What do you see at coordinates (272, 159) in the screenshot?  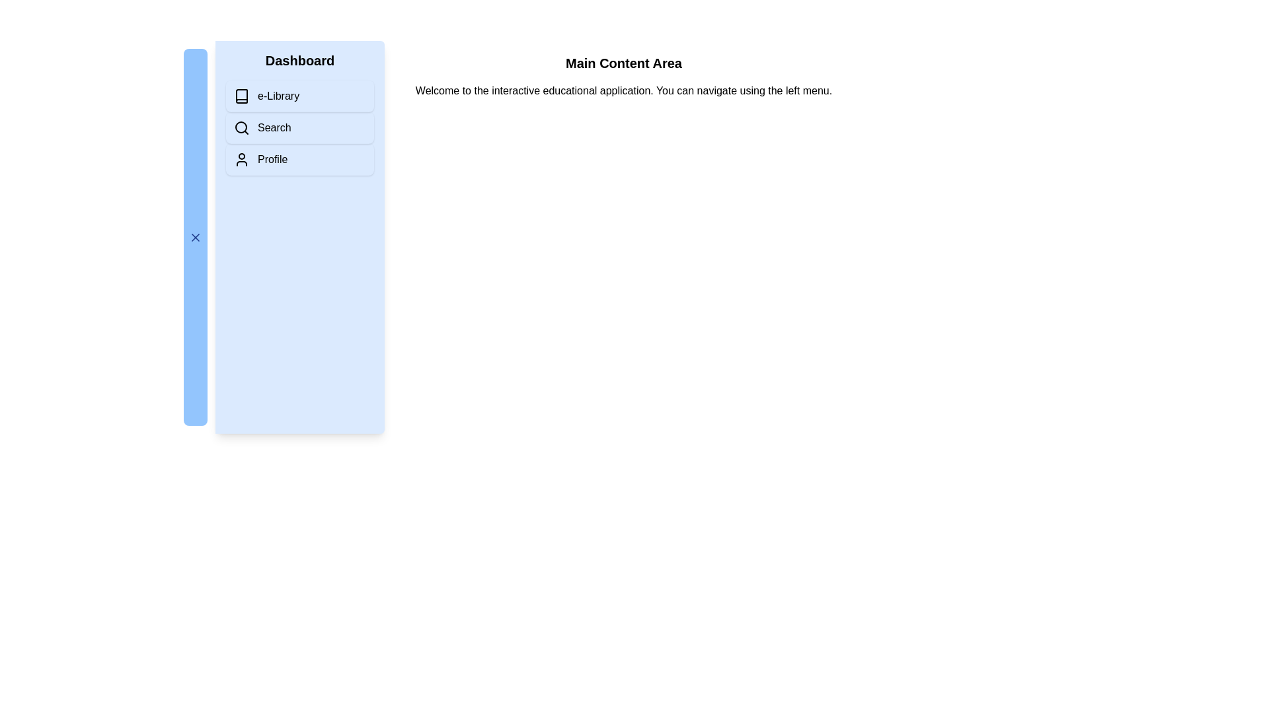 I see `the 'Profile' text label in the left sidebar navigation menu, which is the third item in the list, displayed in a bold black font on a light blue background` at bounding box center [272, 159].